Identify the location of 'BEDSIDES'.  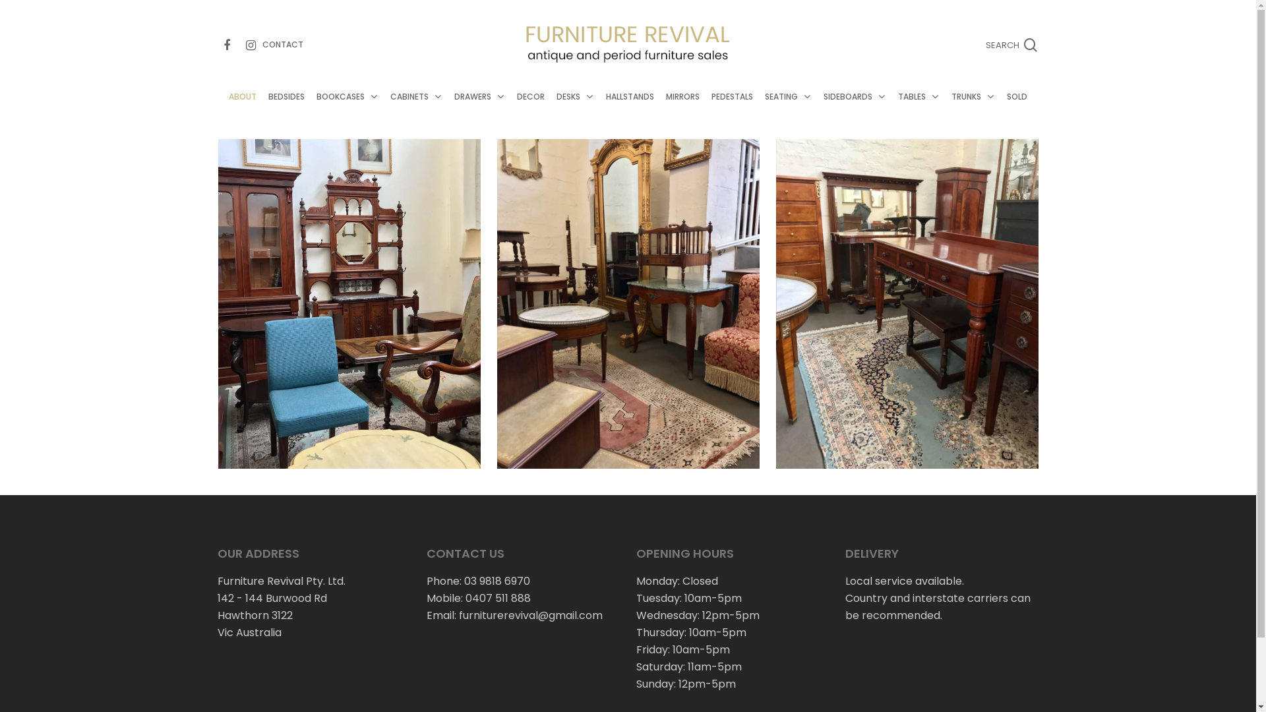
(286, 109).